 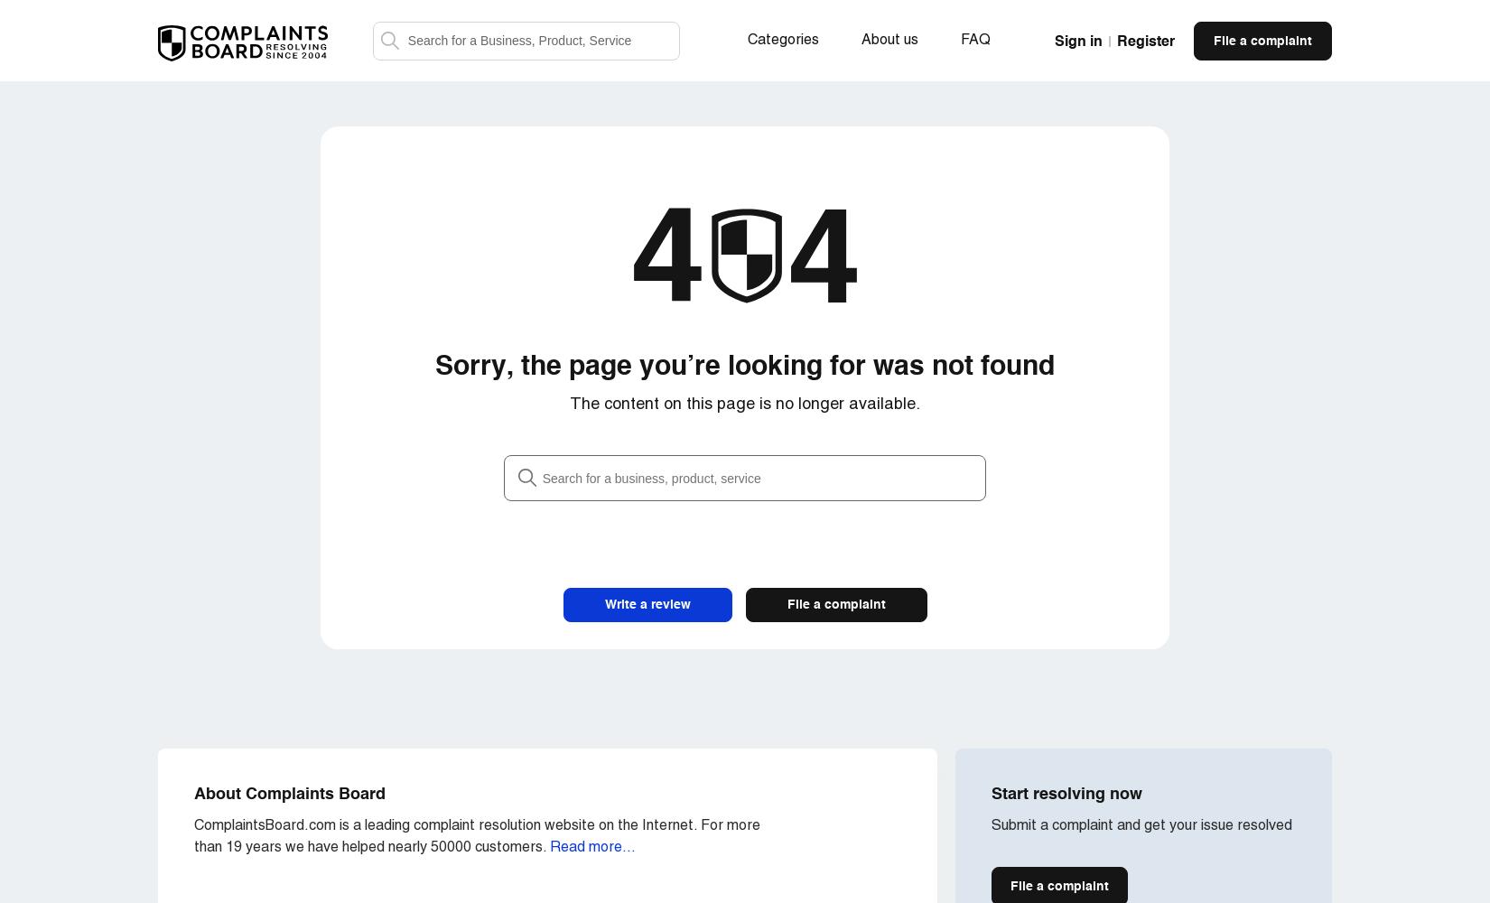 What do you see at coordinates (783, 41) in the screenshot?
I see `'Categories'` at bounding box center [783, 41].